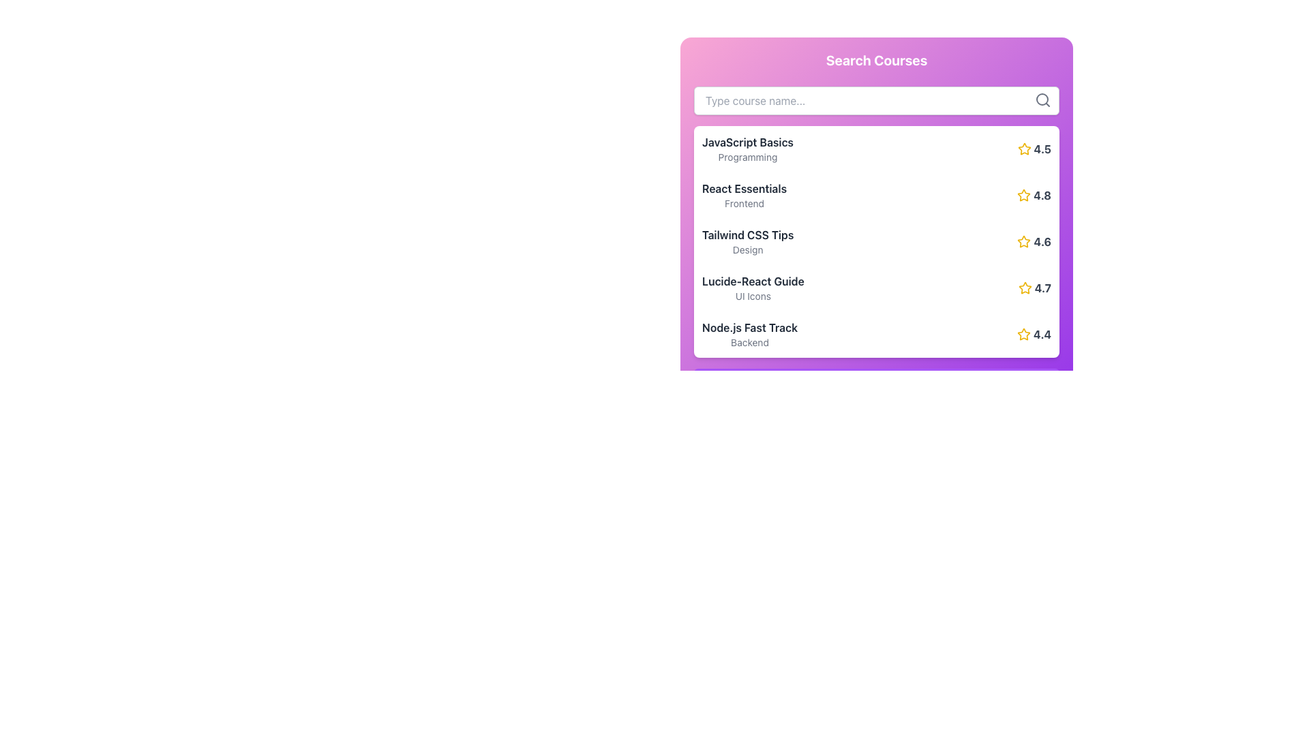 The height and width of the screenshot is (736, 1309). I want to click on the search icon located at the upper-right corner of the input field, which is used to initiate a search operation, so click(1042, 99).